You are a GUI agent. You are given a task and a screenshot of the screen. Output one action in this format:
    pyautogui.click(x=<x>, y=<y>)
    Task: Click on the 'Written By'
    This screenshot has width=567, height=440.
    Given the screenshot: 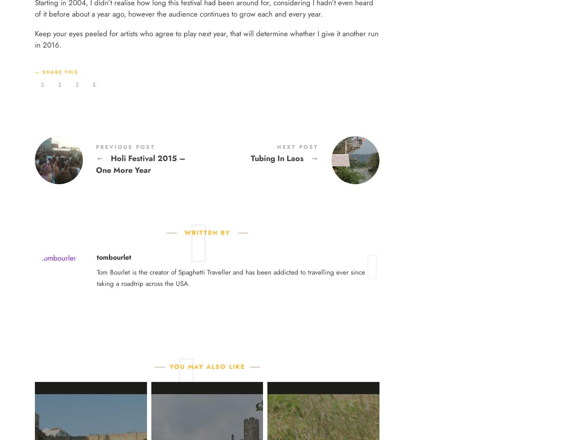 What is the action you would take?
    pyautogui.click(x=206, y=233)
    